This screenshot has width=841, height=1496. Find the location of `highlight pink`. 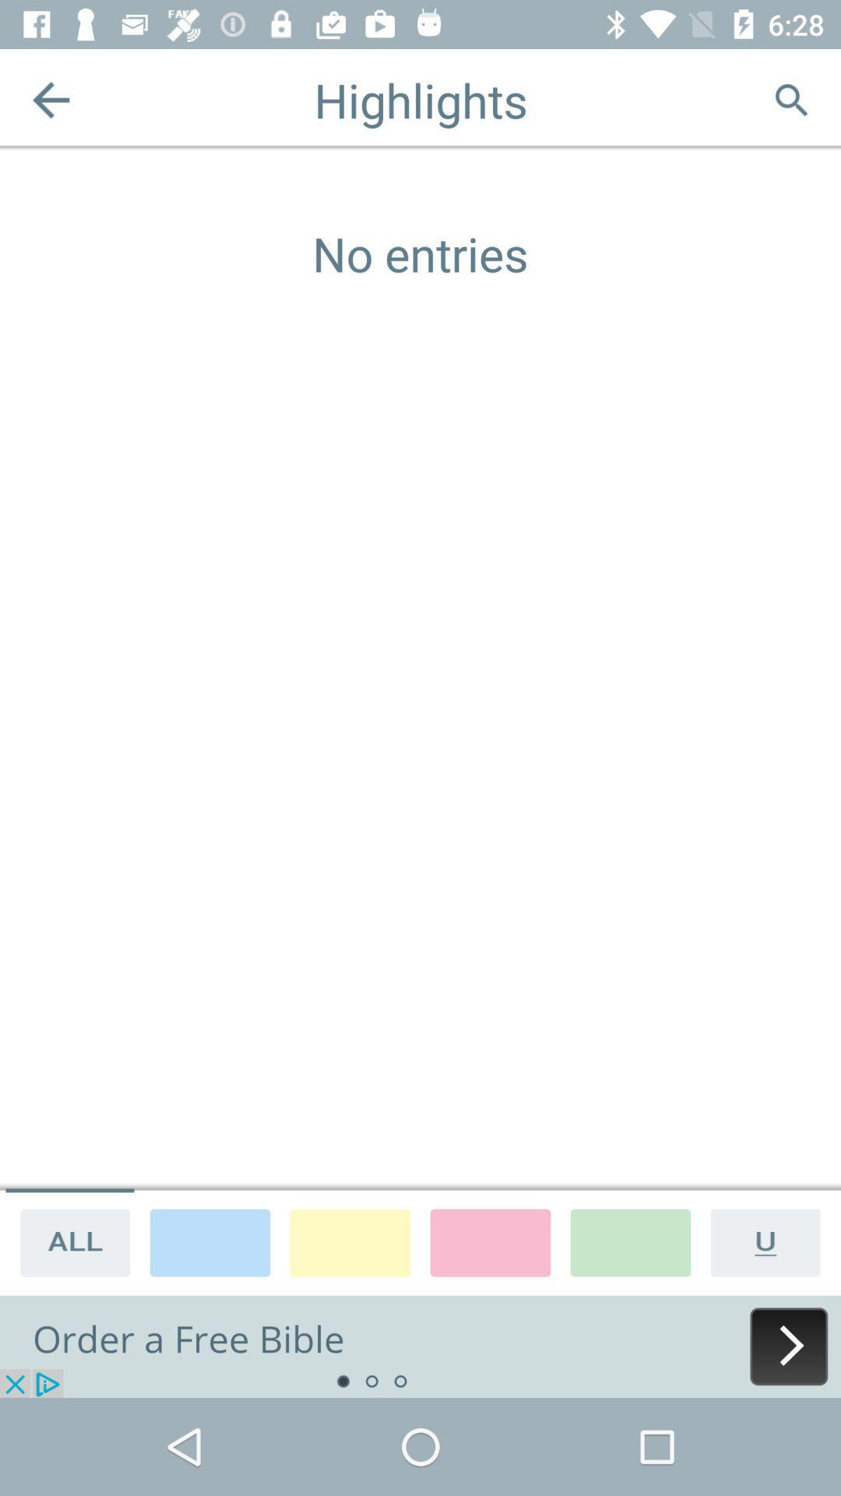

highlight pink is located at coordinates (489, 1241).